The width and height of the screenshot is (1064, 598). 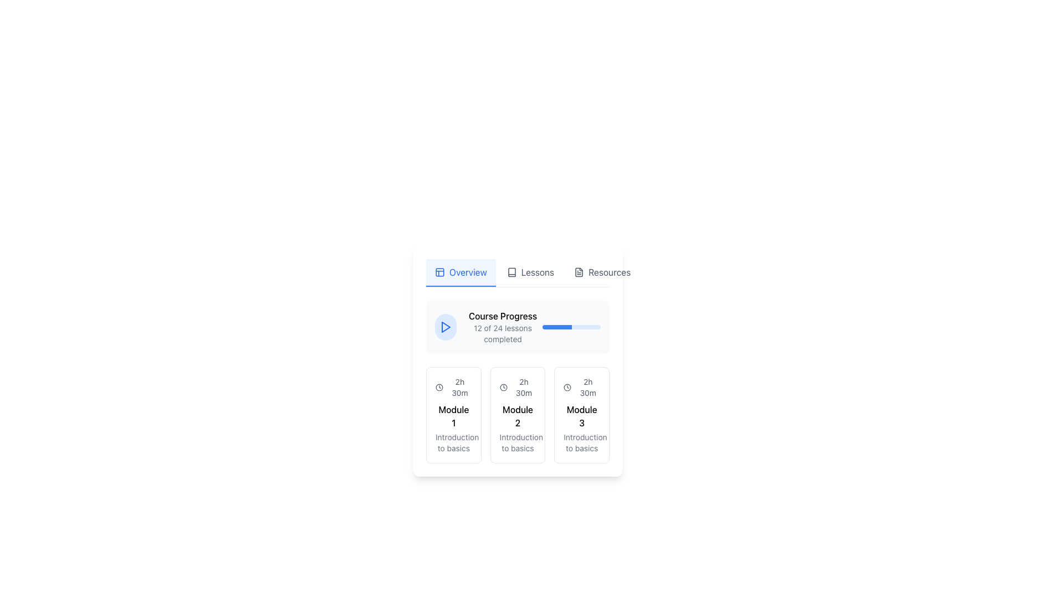 What do you see at coordinates (581, 442) in the screenshot?
I see `the text label displaying 'Introduction to basics' for accessibility purposes, located beneath the title 'Module 3' in the third card of a set of cards` at bounding box center [581, 442].